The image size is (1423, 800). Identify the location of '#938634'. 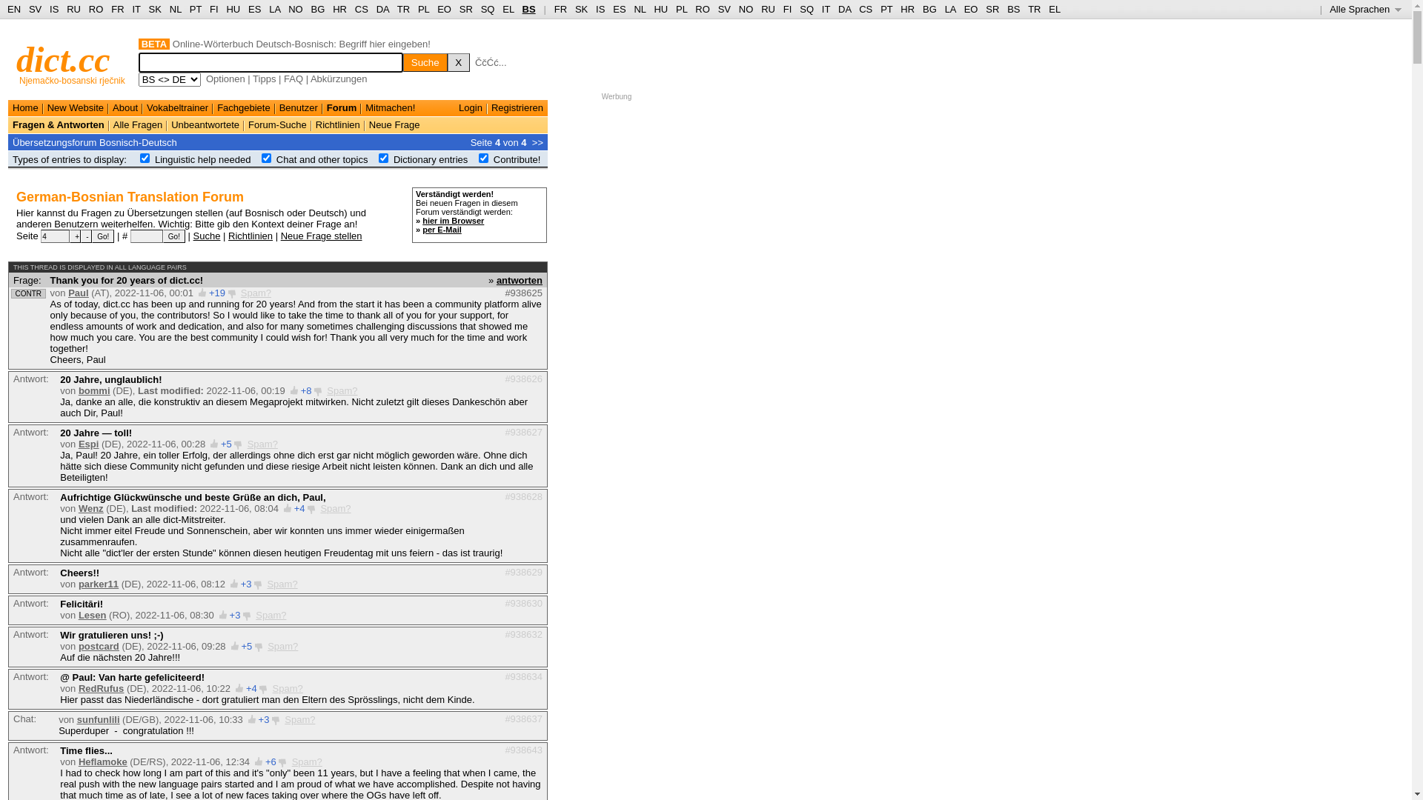
(523, 676).